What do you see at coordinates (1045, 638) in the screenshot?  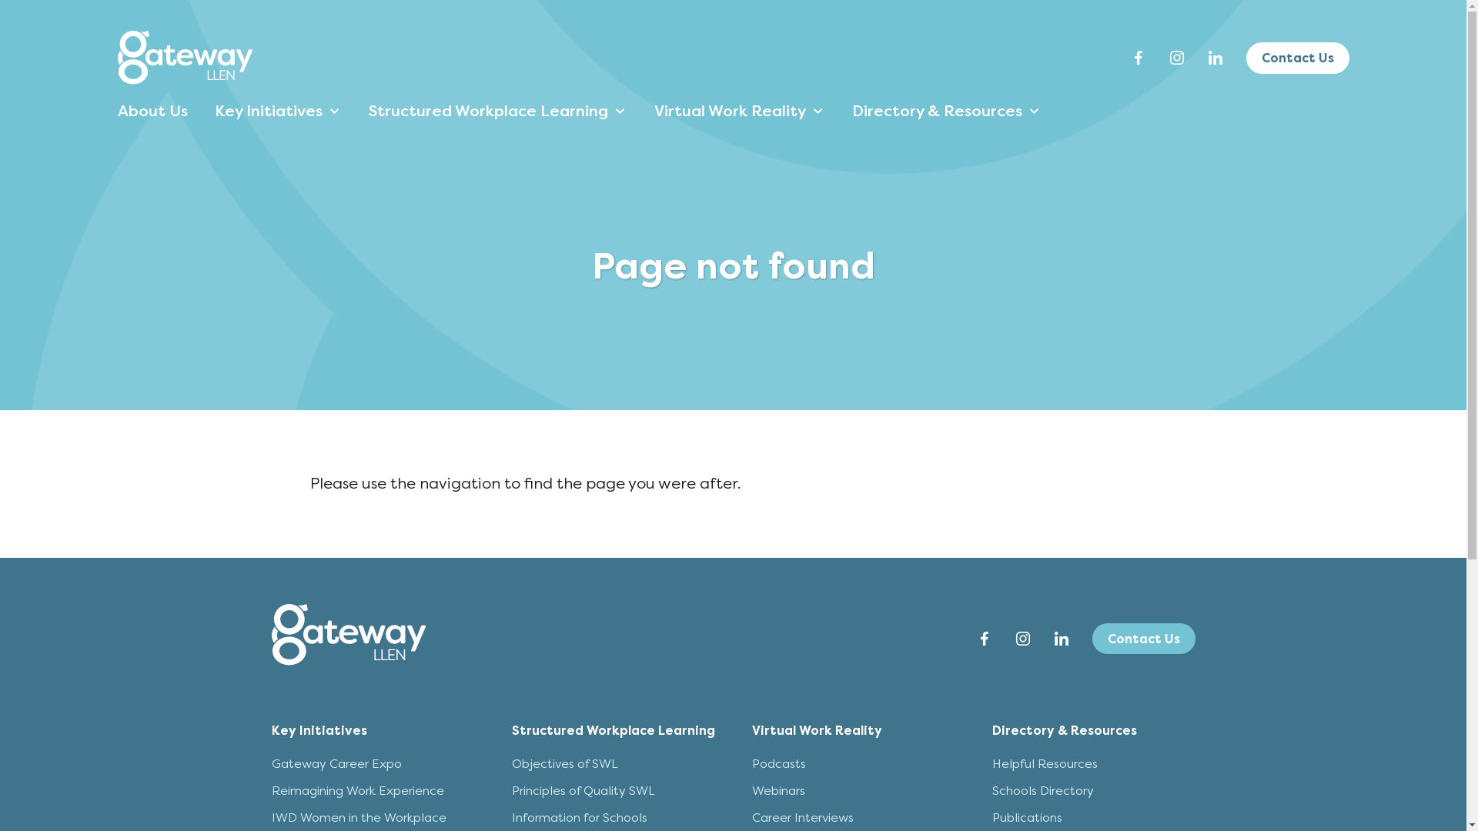 I see `'Gateway LLEN on LinkedIn'` at bounding box center [1045, 638].